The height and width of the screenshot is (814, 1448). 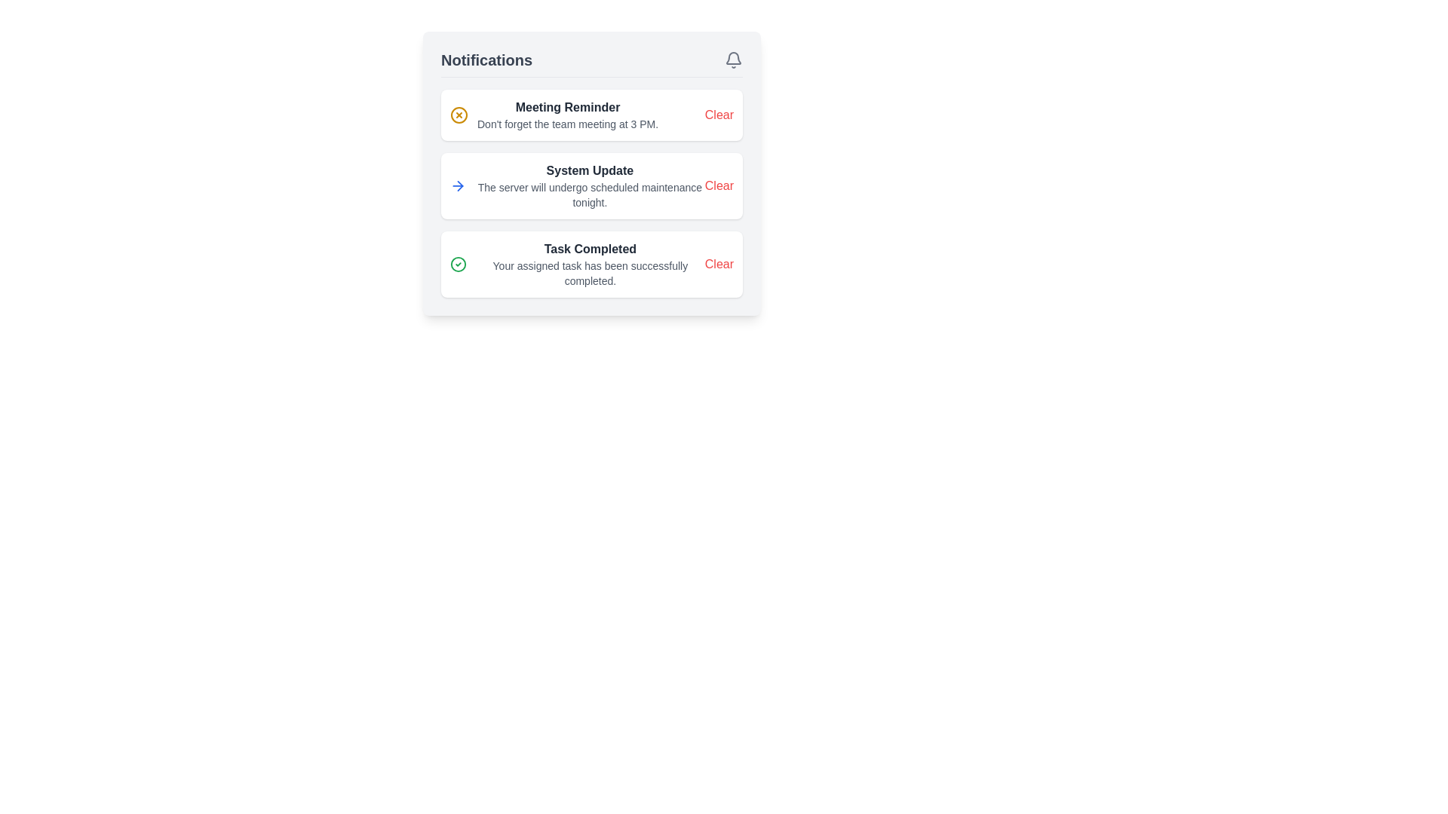 I want to click on the 'Clear' text link located on the far right side of the 'Task Completed' section to potentially change its style, so click(x=718, y=264).